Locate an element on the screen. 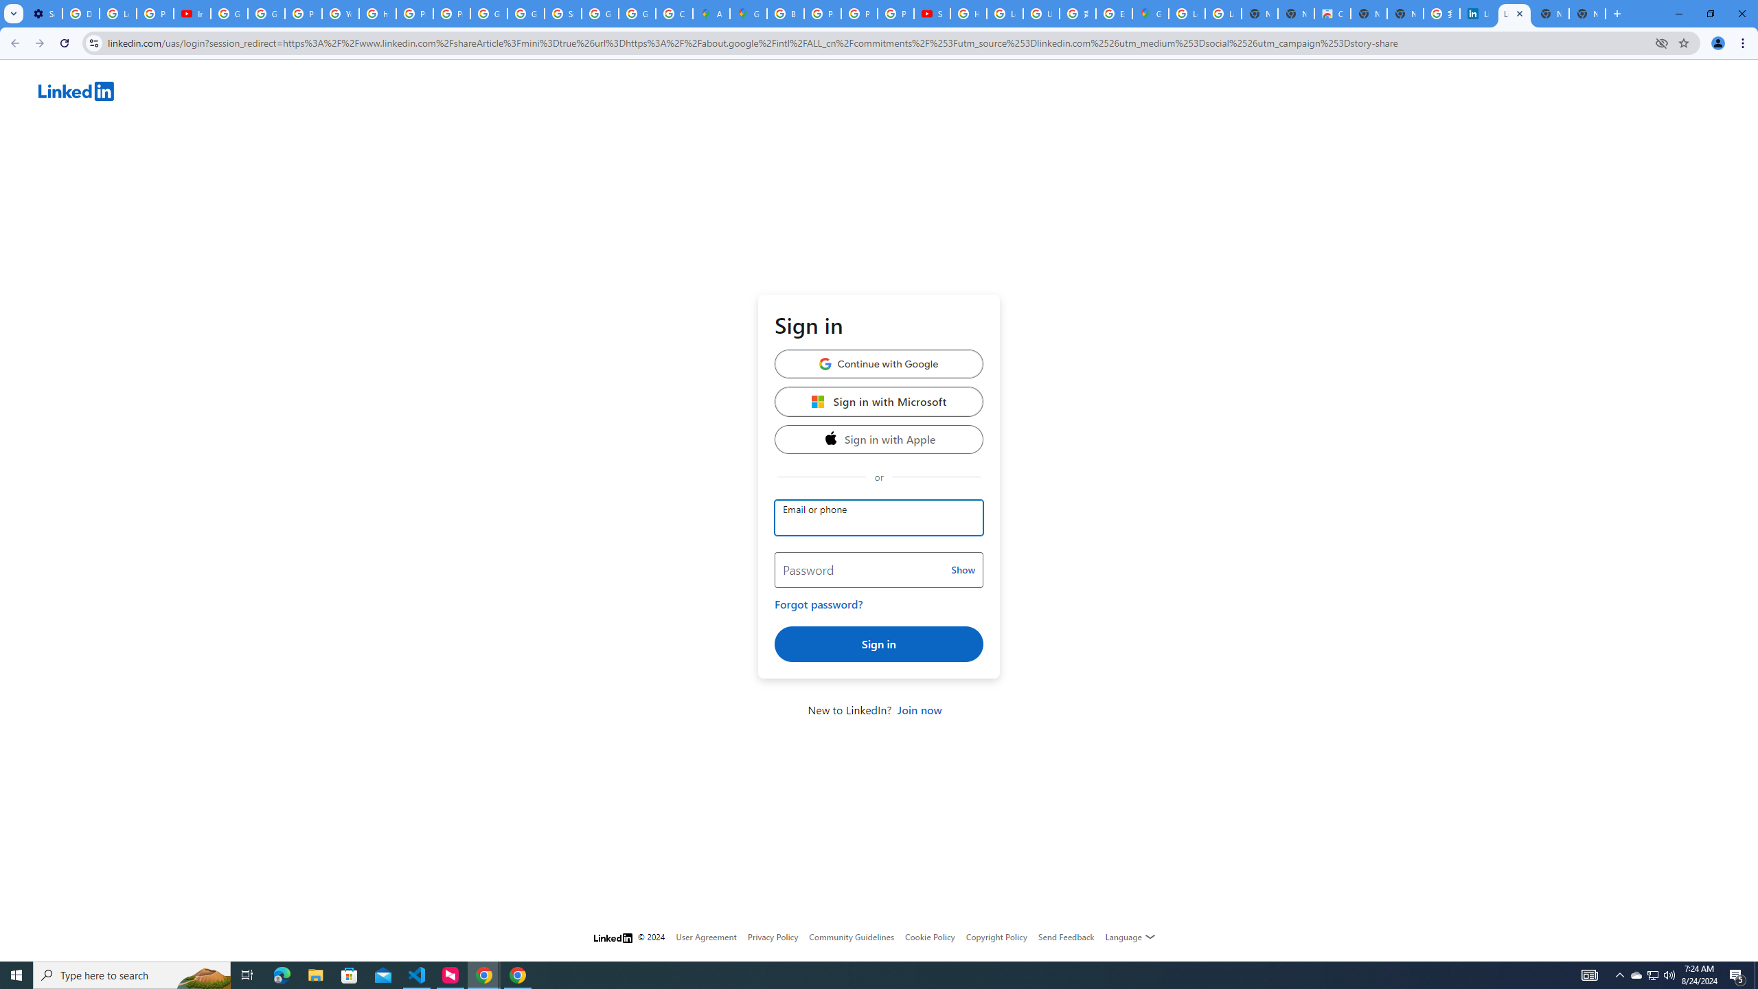 This screenshot has height=989, width=1758. 'Sign in with Microsoft' is located at coordinates (879, 400).